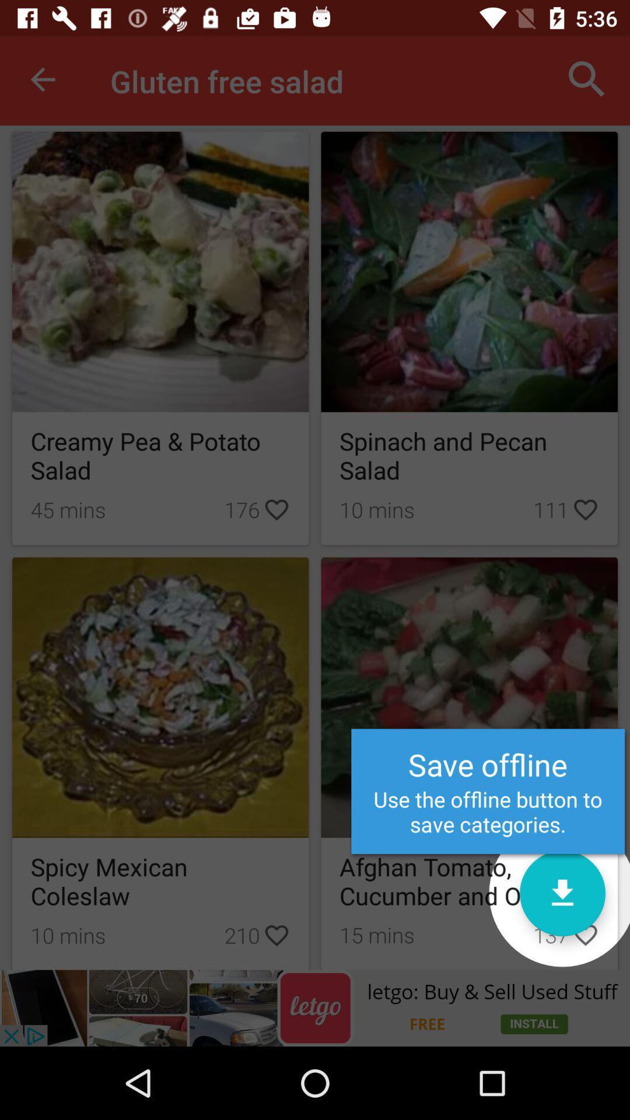  What do you see at coordinates (42, 79) in the screenshot?
I see `the red color box` at bounding box center [42, 79].